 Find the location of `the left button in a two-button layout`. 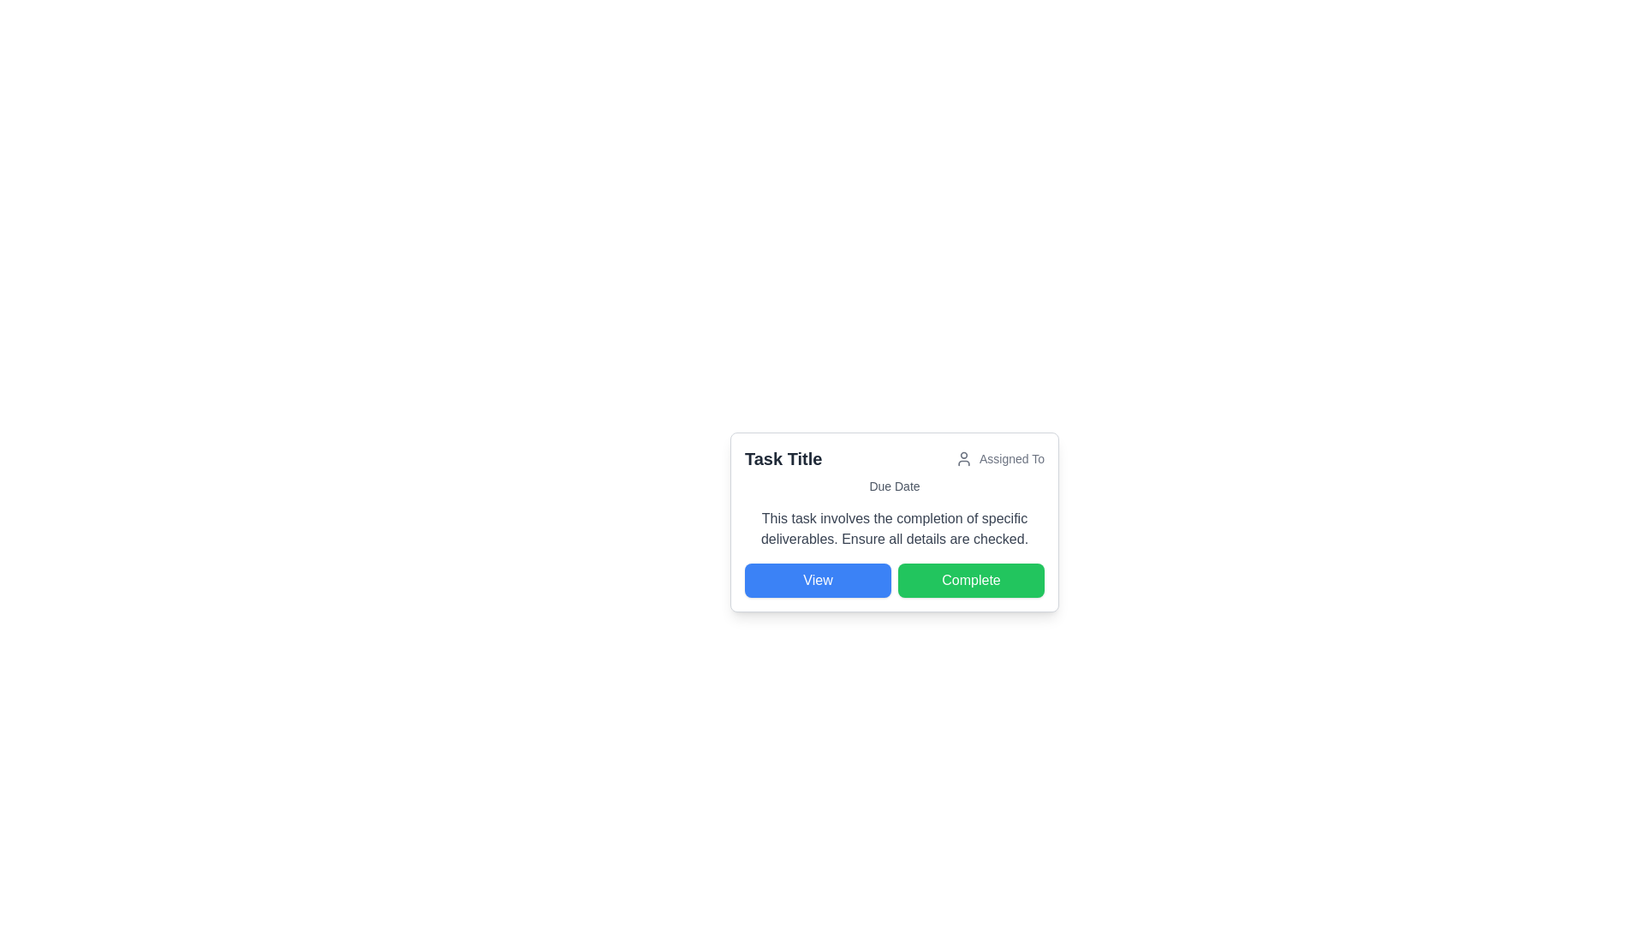

the left button in a two-button layout is located at coordinates (817, 580).